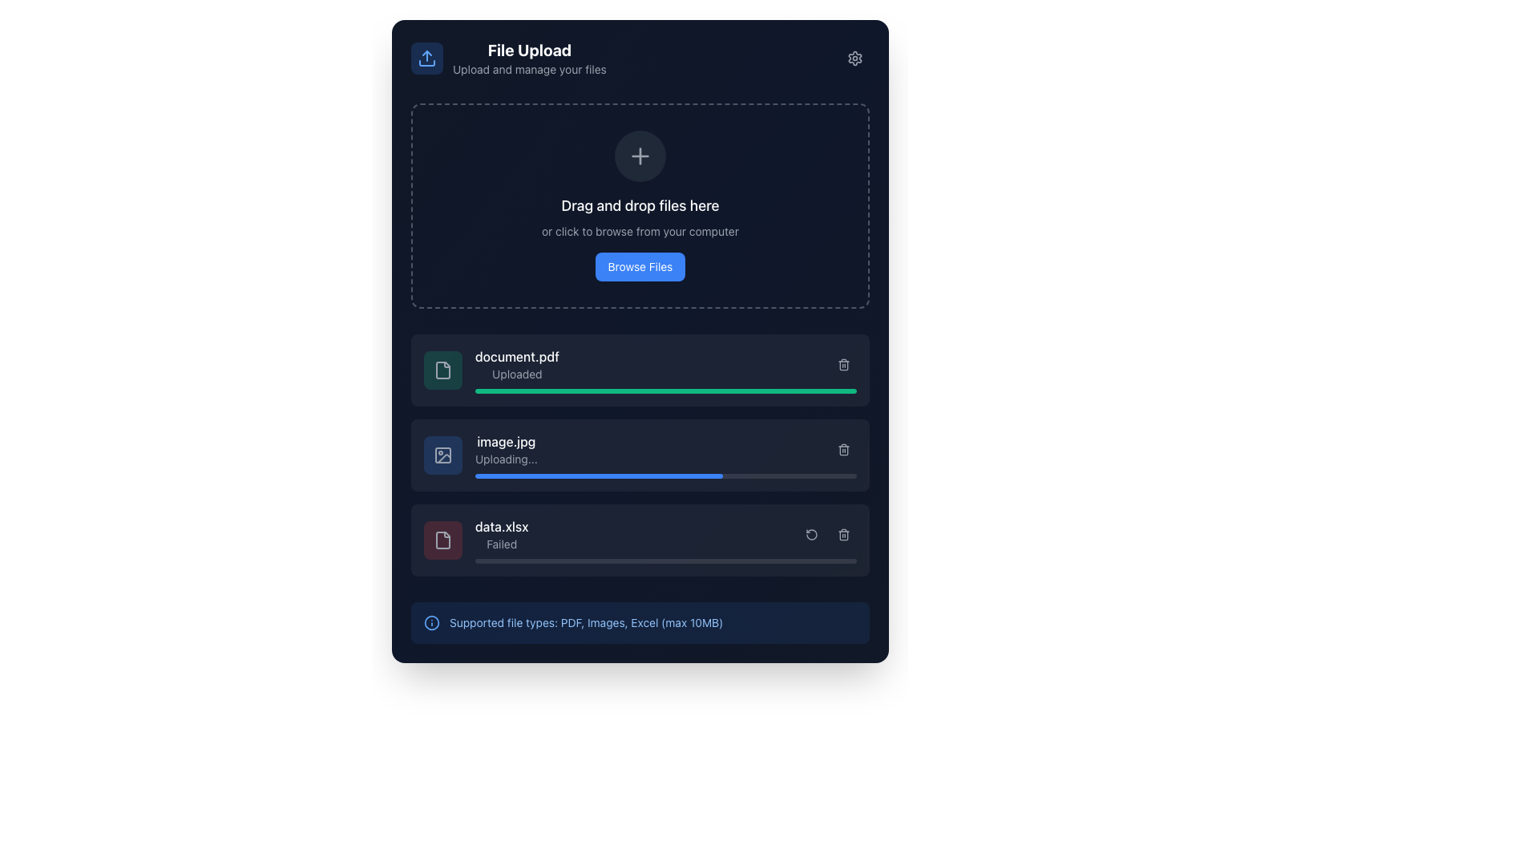 This screenshot has width=1539, height=866. What do you see at coordinates (442, 370) in the screenshot?
I see `the document icon, which is a gray outline resembling a file with a folded corner, located next to 'document.pdf' in the file list` at bounding box center [442, 370].